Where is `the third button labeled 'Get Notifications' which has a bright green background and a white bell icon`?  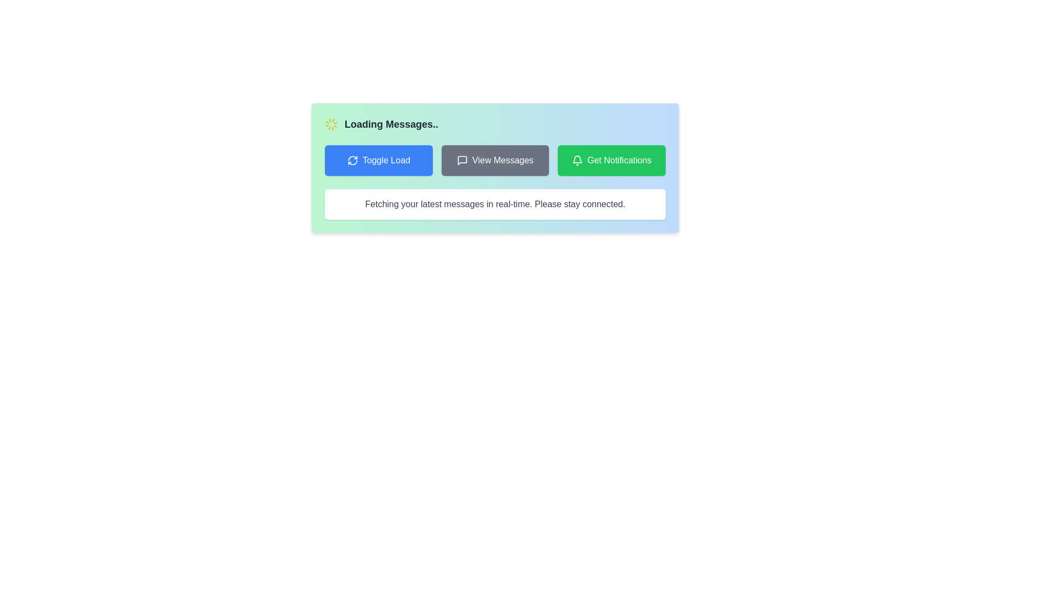 the third button labeled 'Get Notifications' which has a bright green background and a white bell icon is located at coordinates (611, 161).